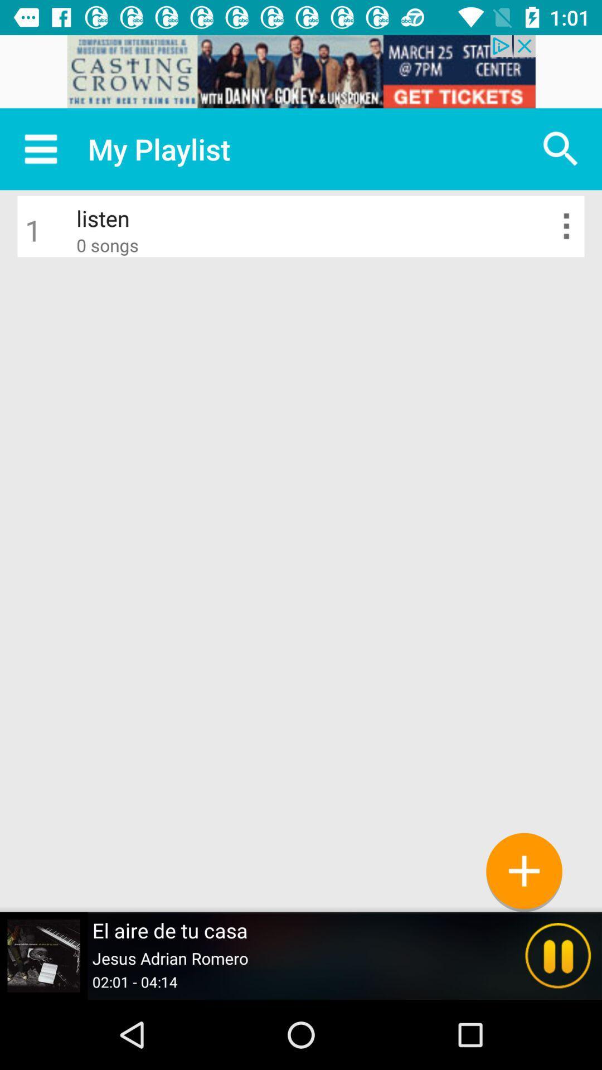 The height and width of the screenshot is (1070, 602). What do you see at coordinates (524, 870) in the screenshot?
I see `the add icon` at bounding box center [524, 870].